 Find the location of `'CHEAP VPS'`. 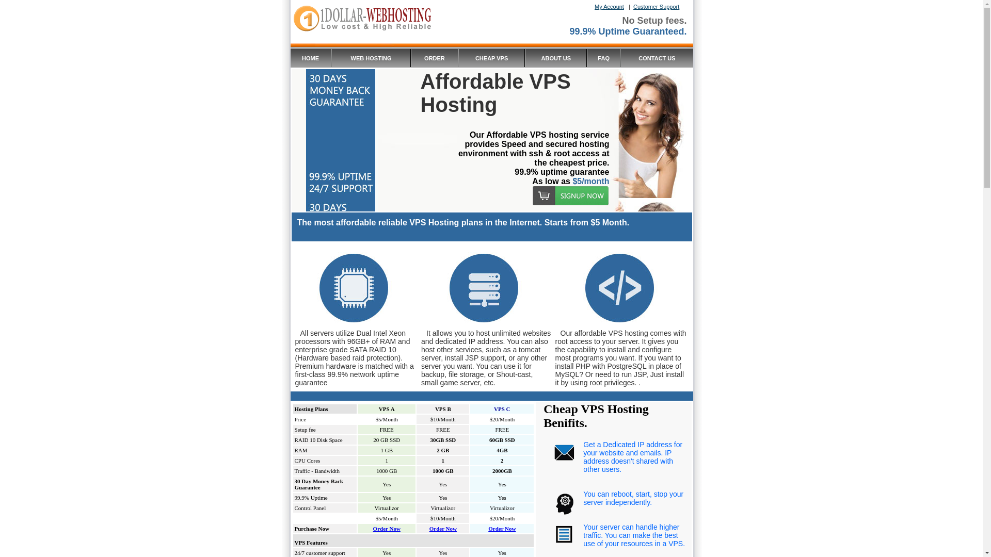

'CHEAP VPS' is located at coordinates (491, 57).